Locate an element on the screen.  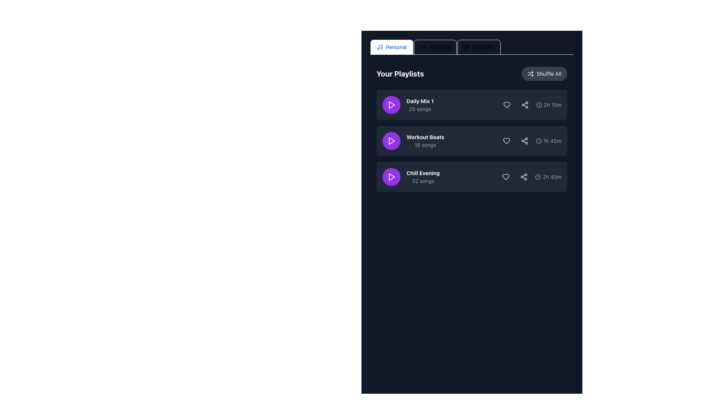
text content of the gray-colored text block displaying the duration '2h 15m' located at the far right of the 'Daily Mix 1' playlist in the 'Your Playlists' section is located at coordinates (552, 105).